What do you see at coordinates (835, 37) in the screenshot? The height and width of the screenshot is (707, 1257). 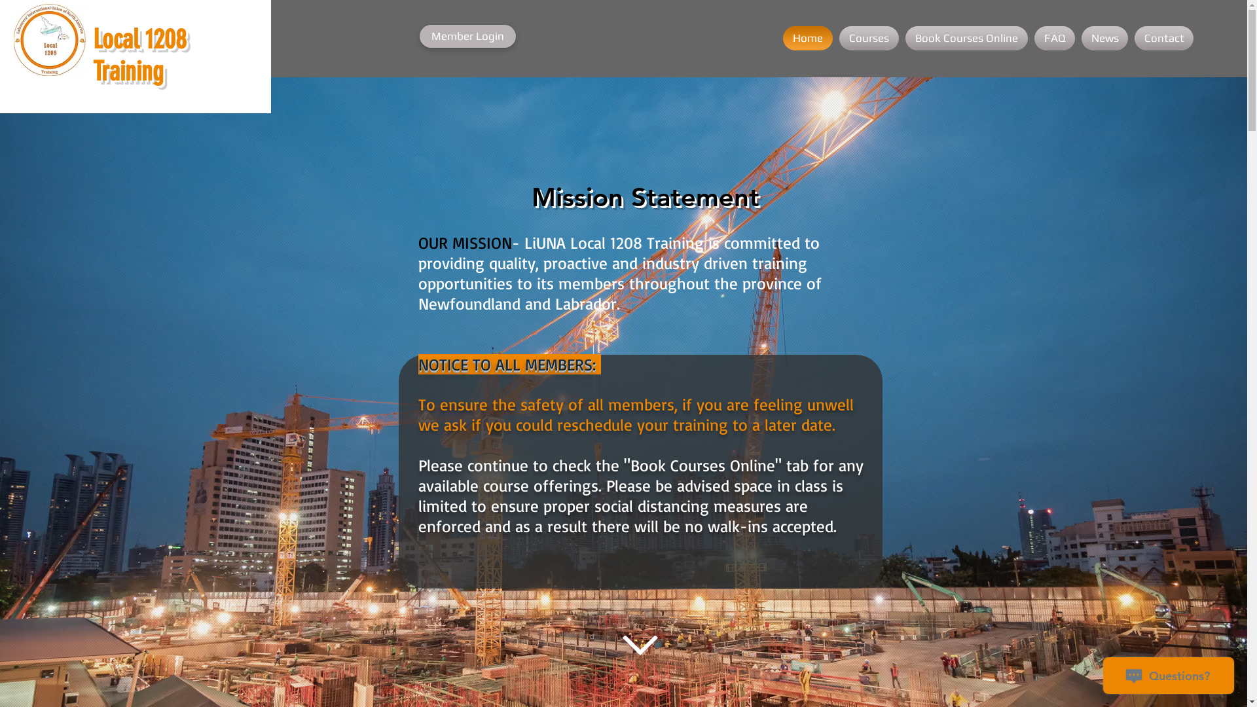 I see `'Courses'` at bounding box center [835, 37].